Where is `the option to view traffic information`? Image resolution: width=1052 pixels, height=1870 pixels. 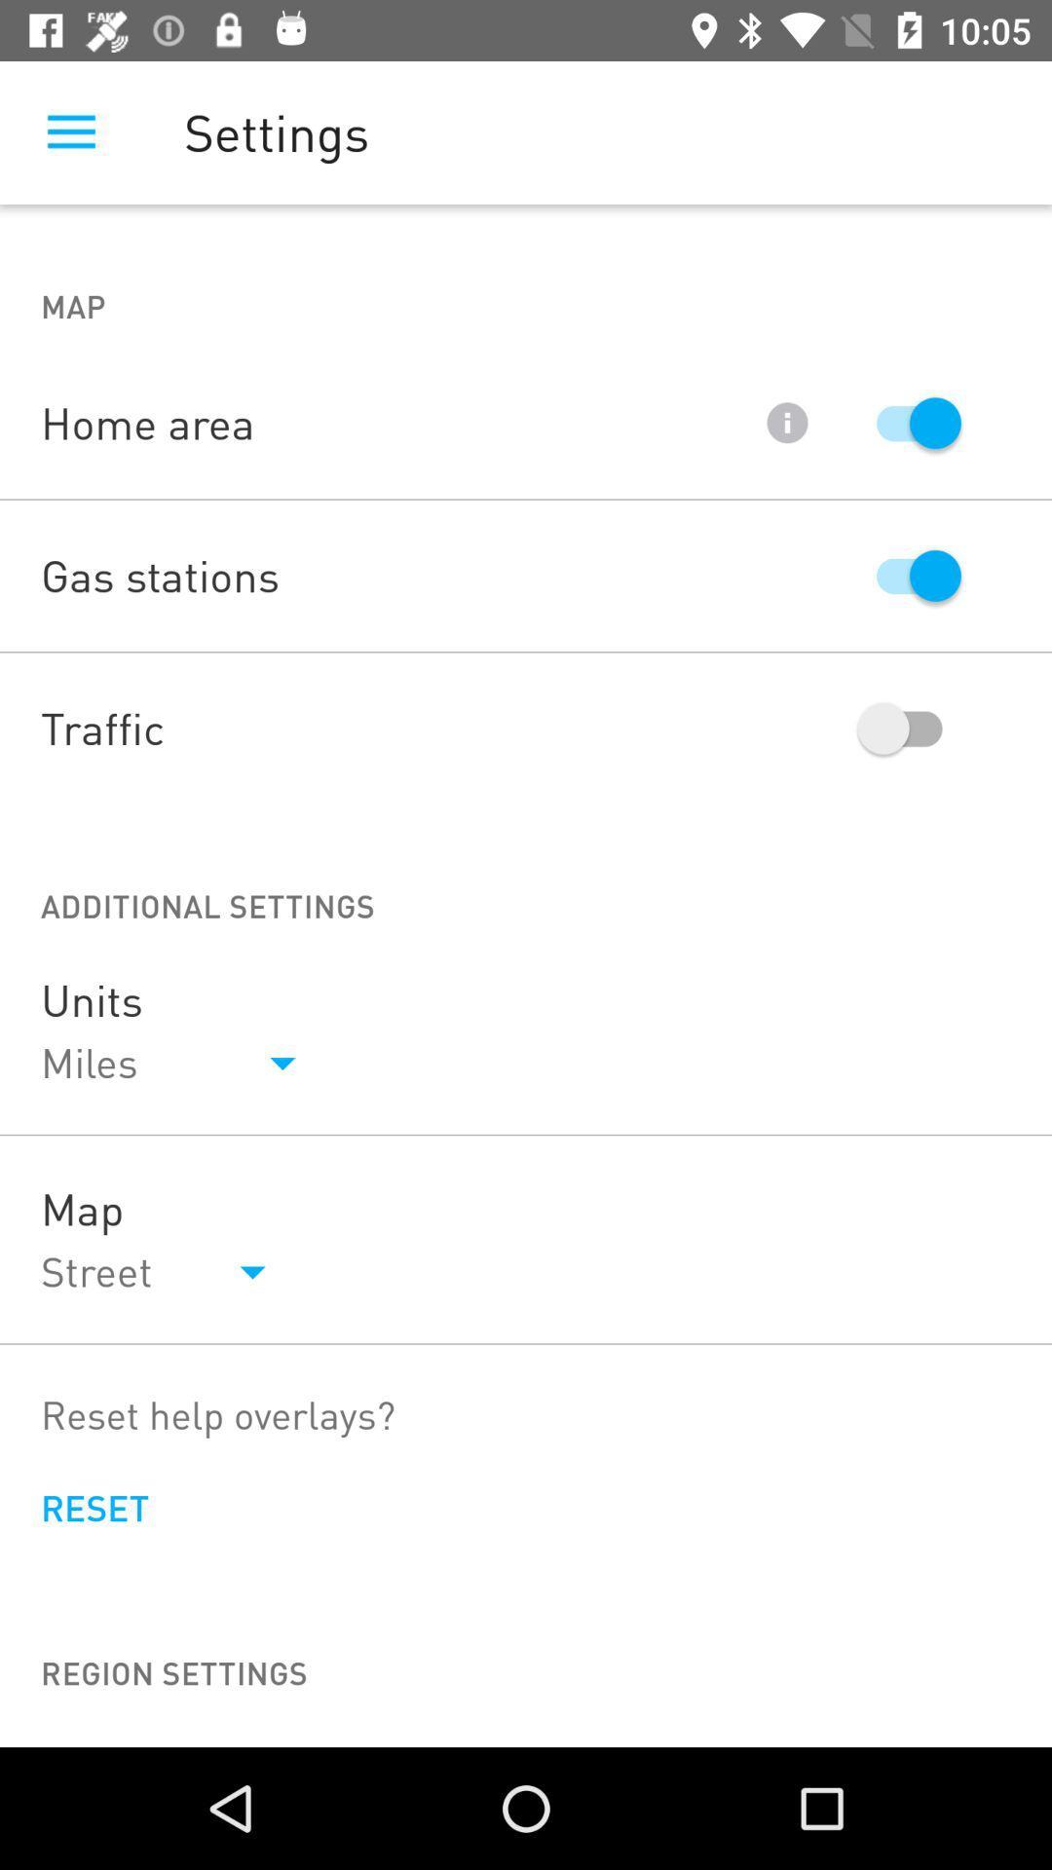 the option to view traffic information is located at coordinates (909, 728).